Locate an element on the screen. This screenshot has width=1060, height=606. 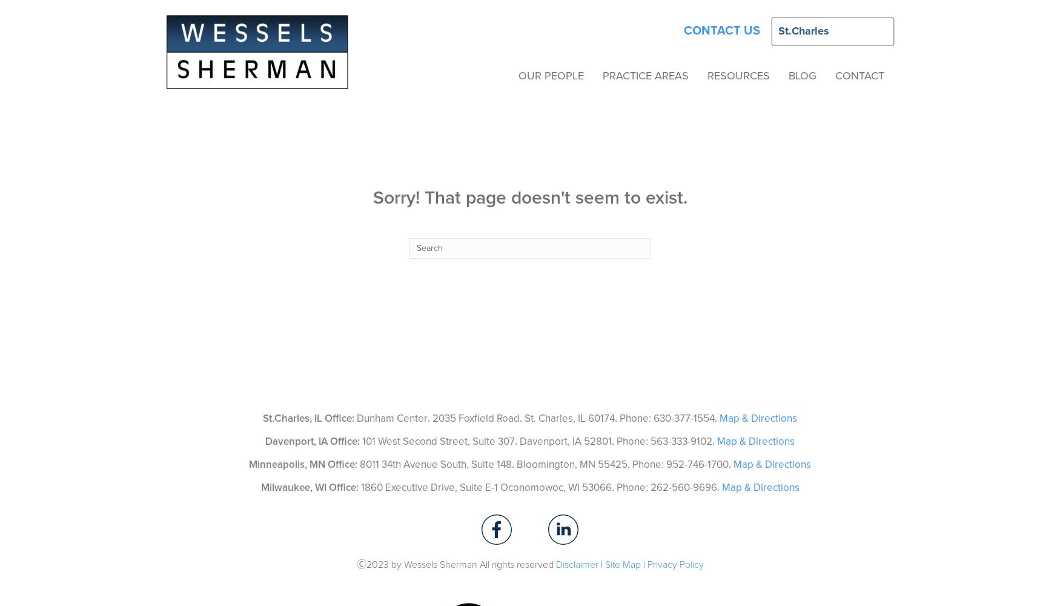
'Bloomington, MN 55425' is located at coordinates (516, 464).